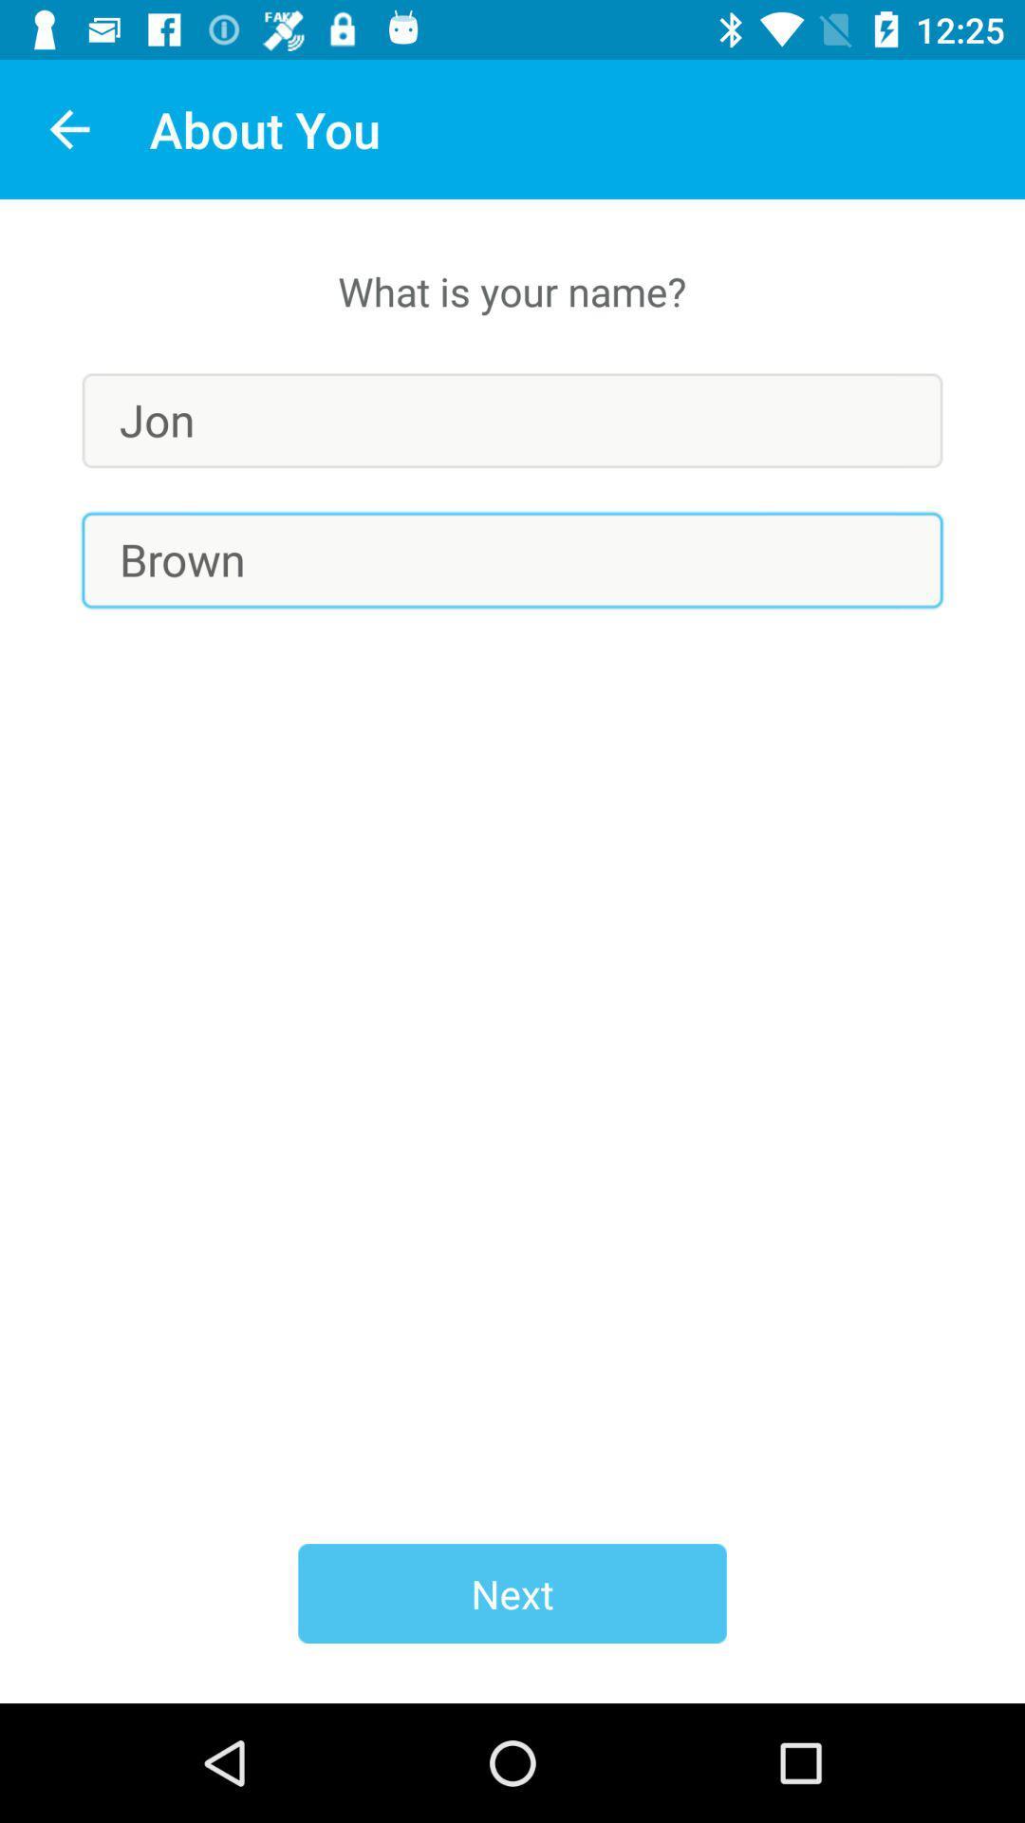 The width and height of the screenshot is (1025, 1823). Describe the element at coordinates (512, 559) in the screenshot. I see `the brown item` at that location.